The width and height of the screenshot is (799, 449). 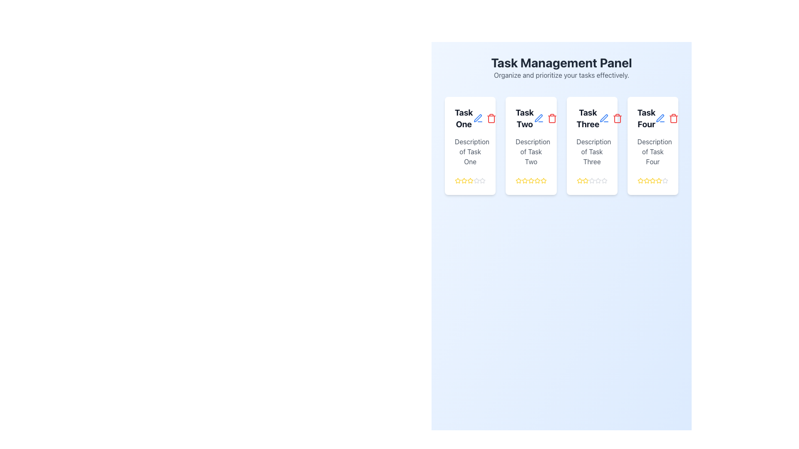 What do you see at coordinates (464, 180) in the screenshot?
I see `the second star in the rating bar below 'Description of Task One'` at bounding box center [464, 180].